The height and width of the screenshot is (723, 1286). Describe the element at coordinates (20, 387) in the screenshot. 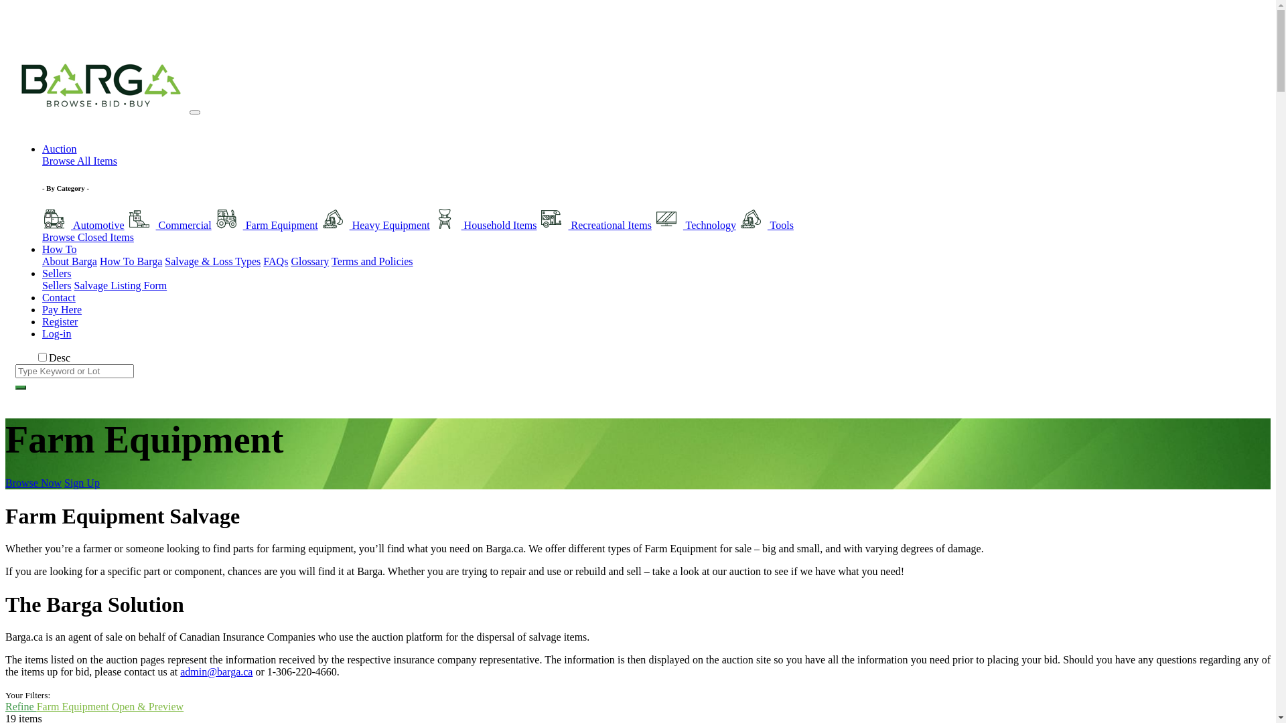

I see `'Keyword Search'` at that location.